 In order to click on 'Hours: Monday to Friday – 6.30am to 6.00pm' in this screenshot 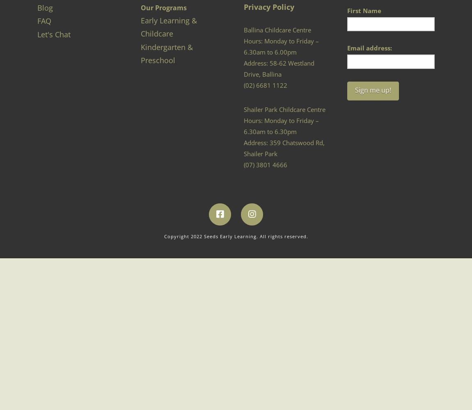, I will do `click(281, 46)`.